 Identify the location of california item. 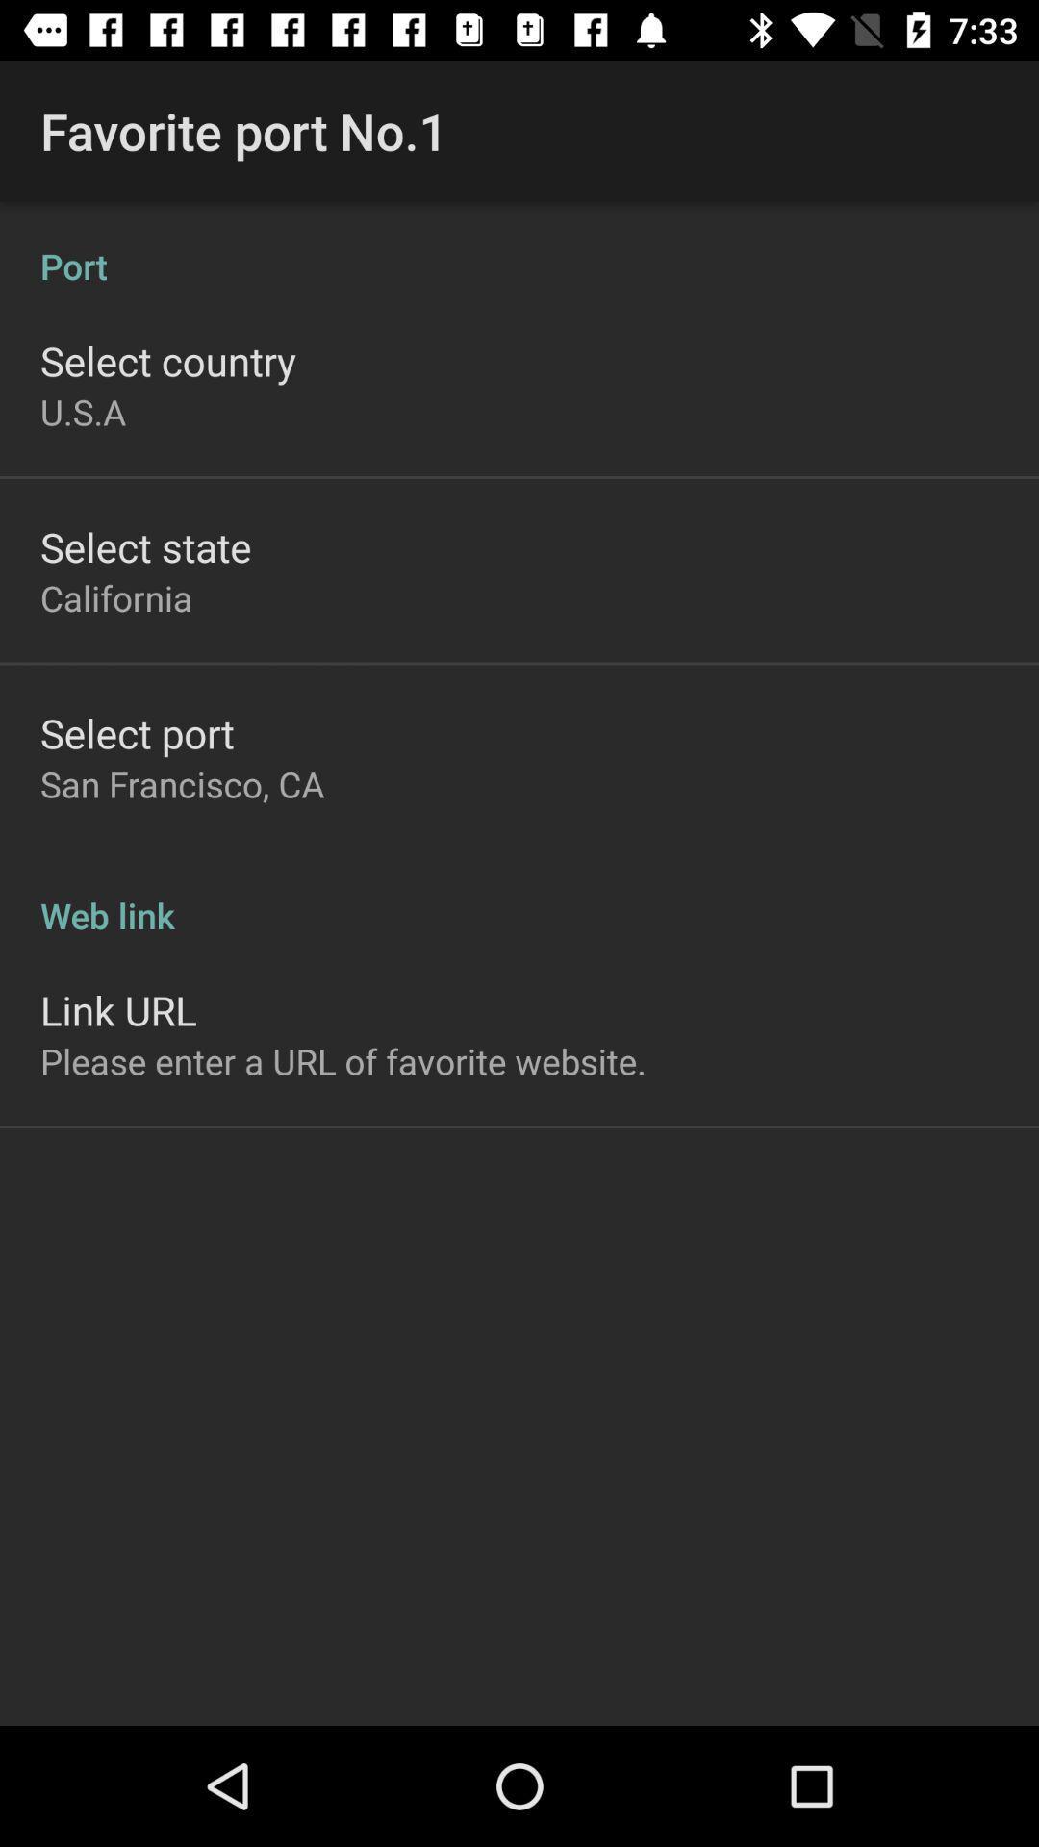
(116, 596).